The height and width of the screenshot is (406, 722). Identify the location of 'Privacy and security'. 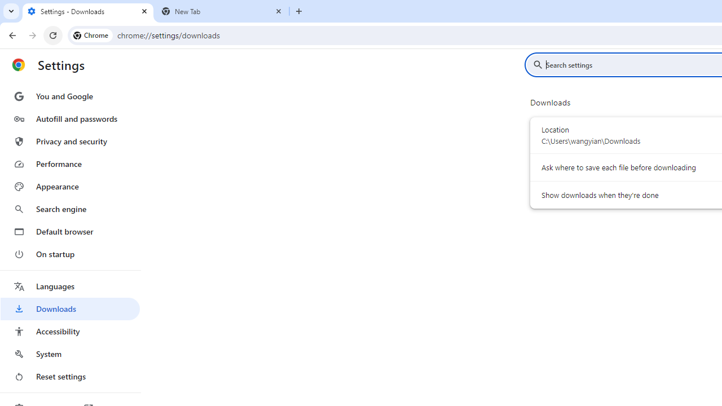
(69, 140).